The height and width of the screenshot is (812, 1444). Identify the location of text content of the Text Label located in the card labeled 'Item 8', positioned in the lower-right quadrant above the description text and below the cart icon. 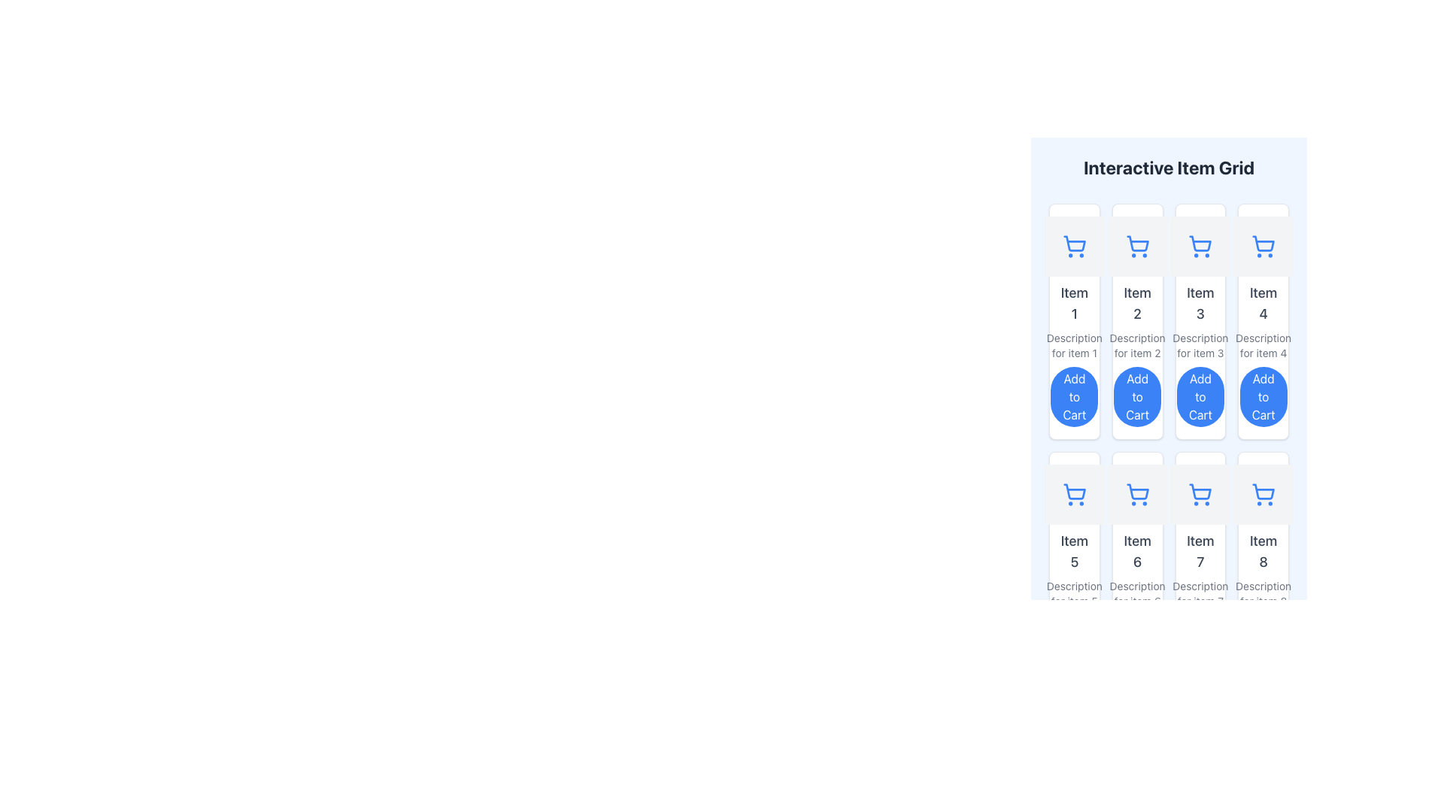
(1263, 551).